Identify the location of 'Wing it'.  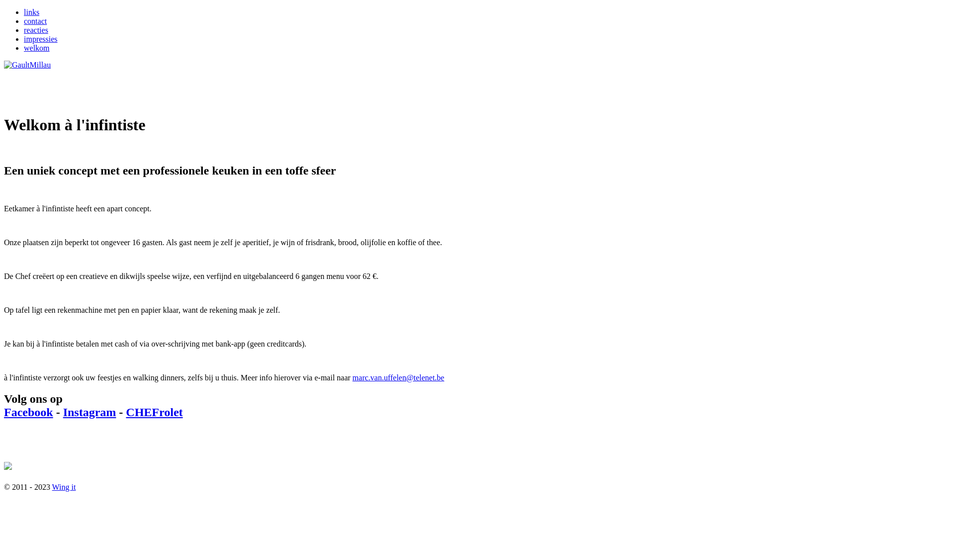
(64, 486).